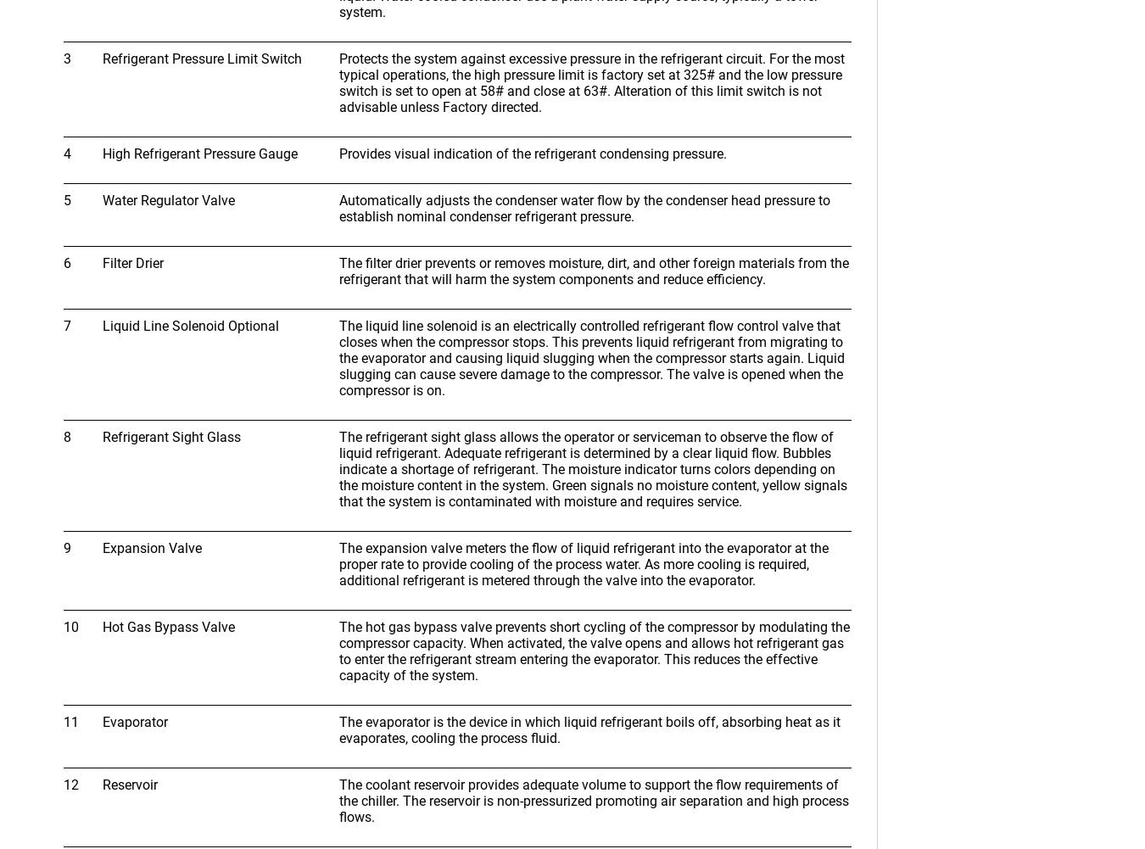 The height and width of the screenshot is (849, 1145). I want to click on 'The refrigerant sight glass allows the operator or serviceman to observe the flow of liquid refrigerant. Adequate refrigerant is determined by a clear liquid flow. Bubbles indicate a shortage of refrigerant. The moisture indicator turns colors depending on the moisture content in the system. Green signals no moisture content, yellow signals that the system is contaminated with moisture and requires service.', so click(592, 468).